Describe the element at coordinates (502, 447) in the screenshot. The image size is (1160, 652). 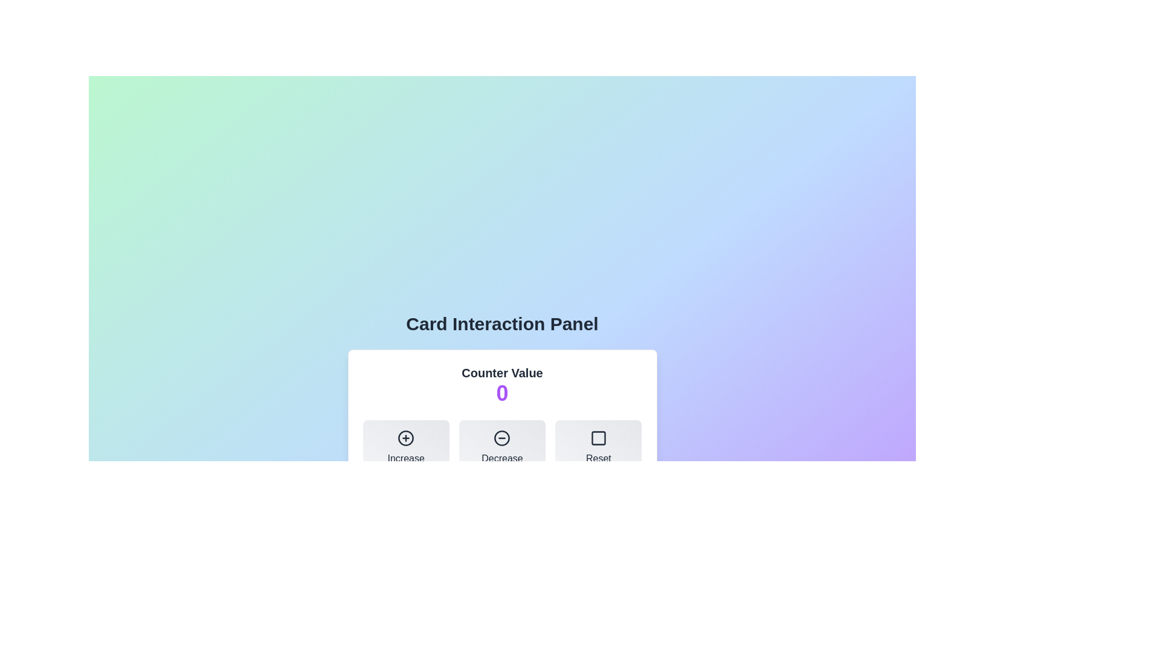
I see `the 'Decrease' button, which is part of a horizontal group of buttons labeled 'Increase', 'Decrease', and 'Reset', located beneath the 'Counter Value' panel` at that location.